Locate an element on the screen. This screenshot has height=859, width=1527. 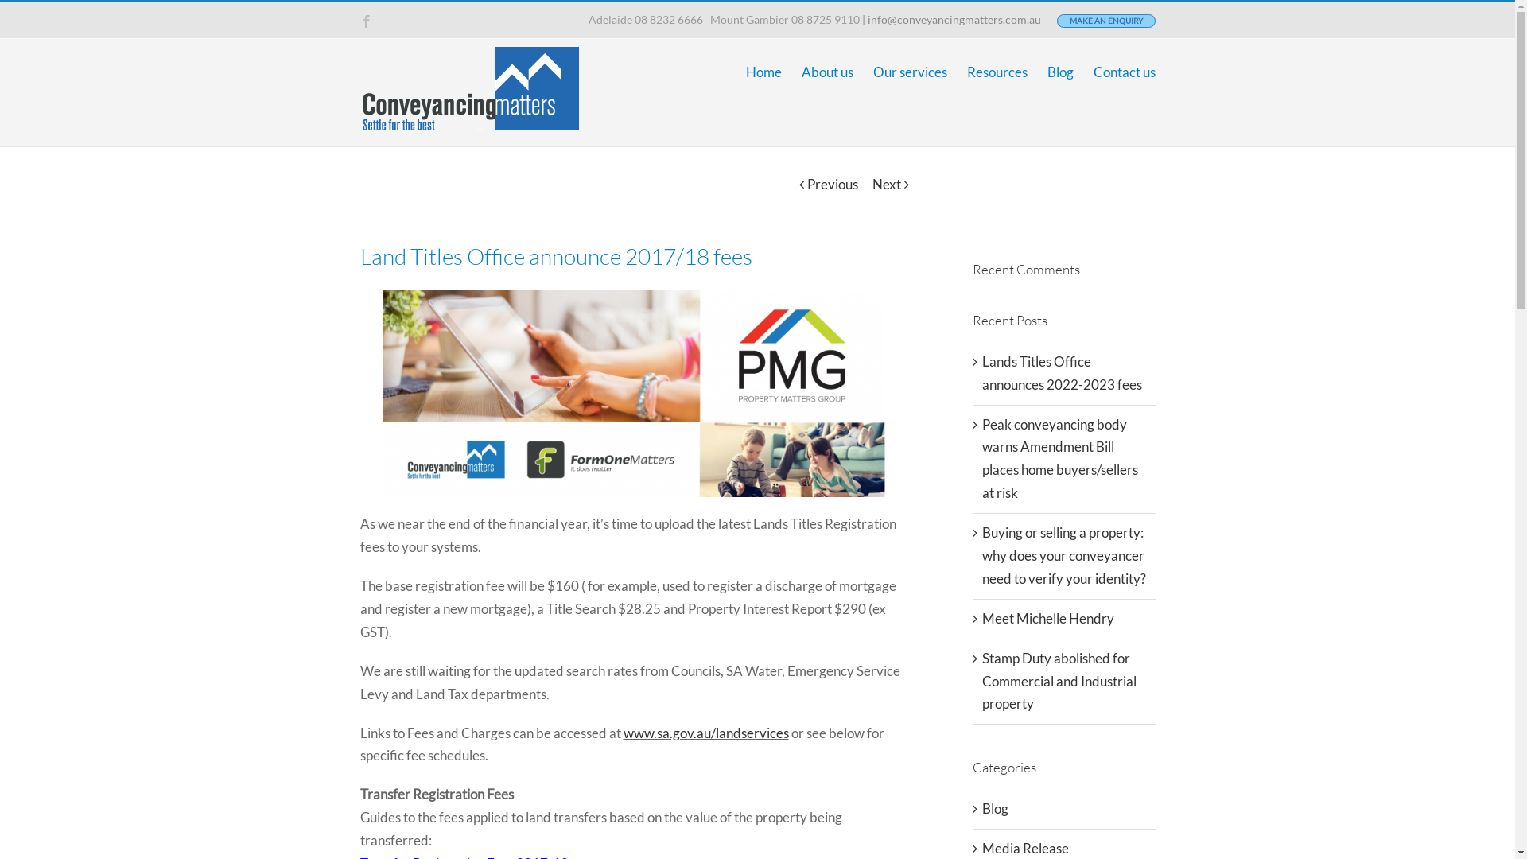
'Stamp Duty abolished for Commercial and Industrial property' is located at coordinates (1058, 680).